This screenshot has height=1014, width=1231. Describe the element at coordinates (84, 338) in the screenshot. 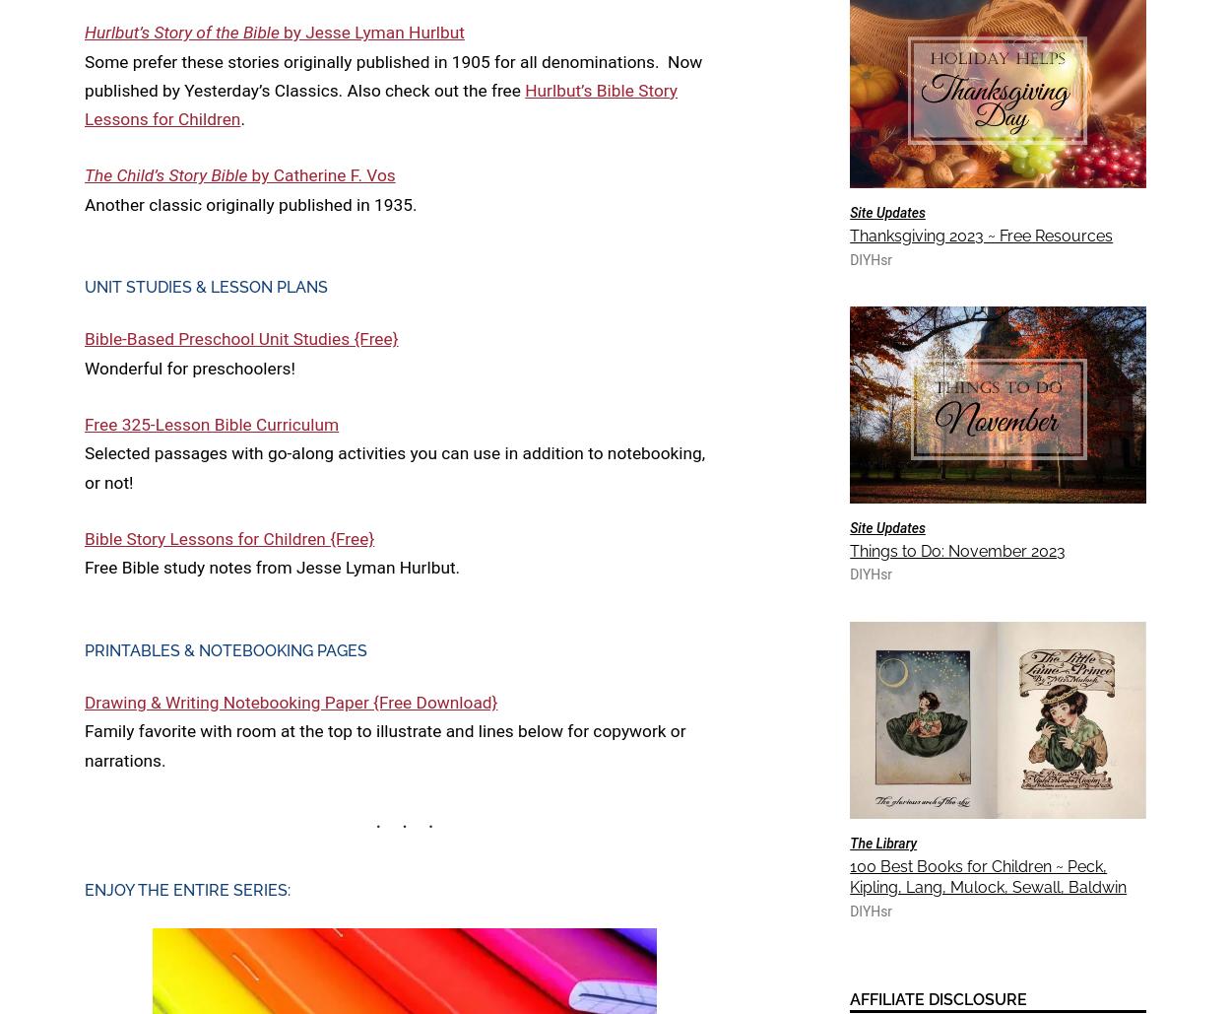

I see `'Bible-Based Preschool Unit Studies {Free}'` at that location.